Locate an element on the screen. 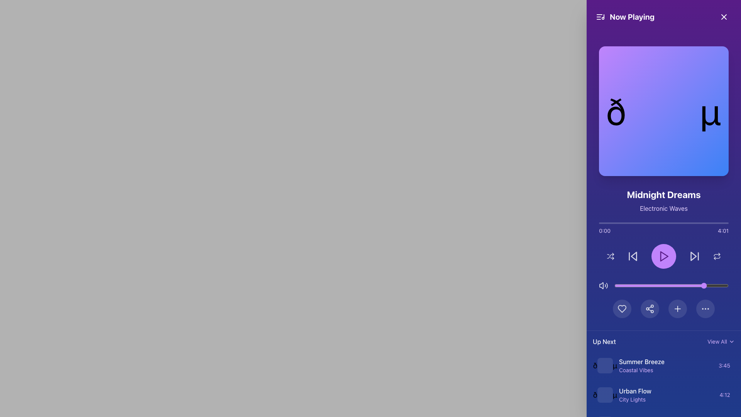  the non-interactive text element displaying 'Electronic Waves' is located at coordinates (663, 208).